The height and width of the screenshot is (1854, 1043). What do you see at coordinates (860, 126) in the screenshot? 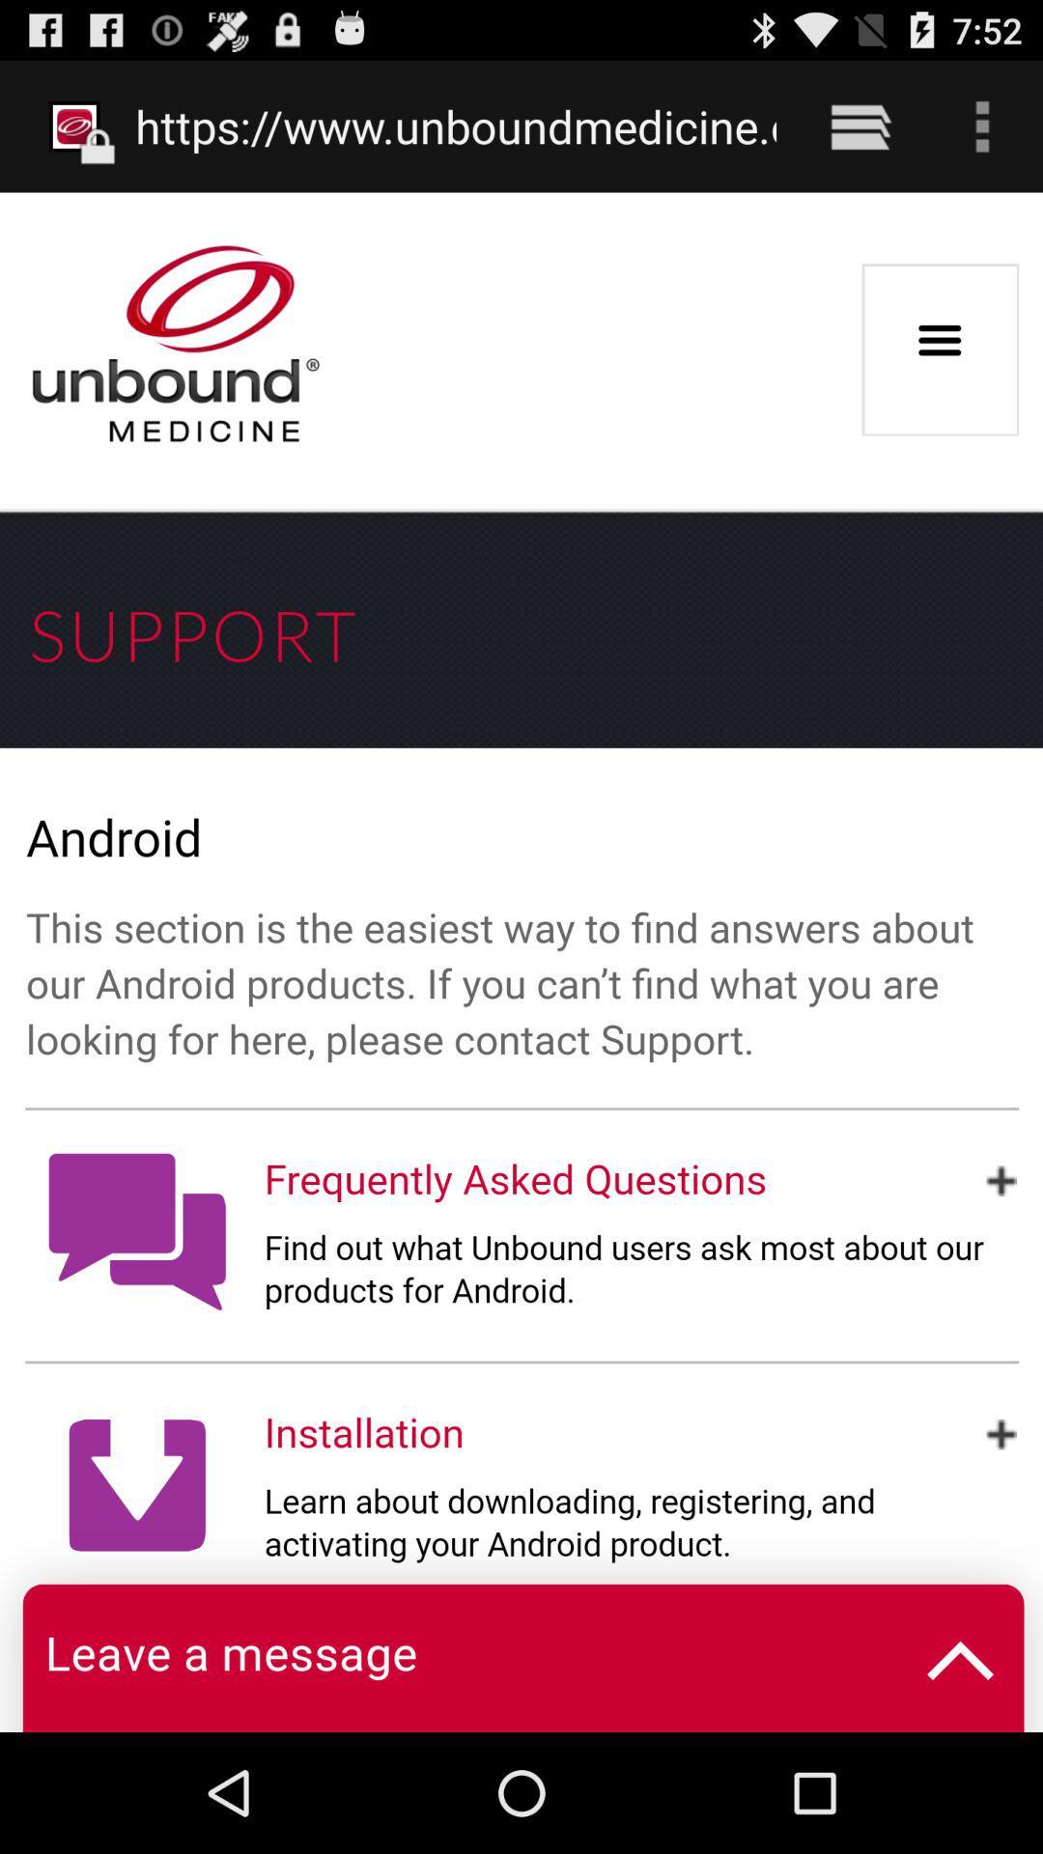
I see `the item to the right of https www unboundmedicine item` at bounding box center [860, 126].